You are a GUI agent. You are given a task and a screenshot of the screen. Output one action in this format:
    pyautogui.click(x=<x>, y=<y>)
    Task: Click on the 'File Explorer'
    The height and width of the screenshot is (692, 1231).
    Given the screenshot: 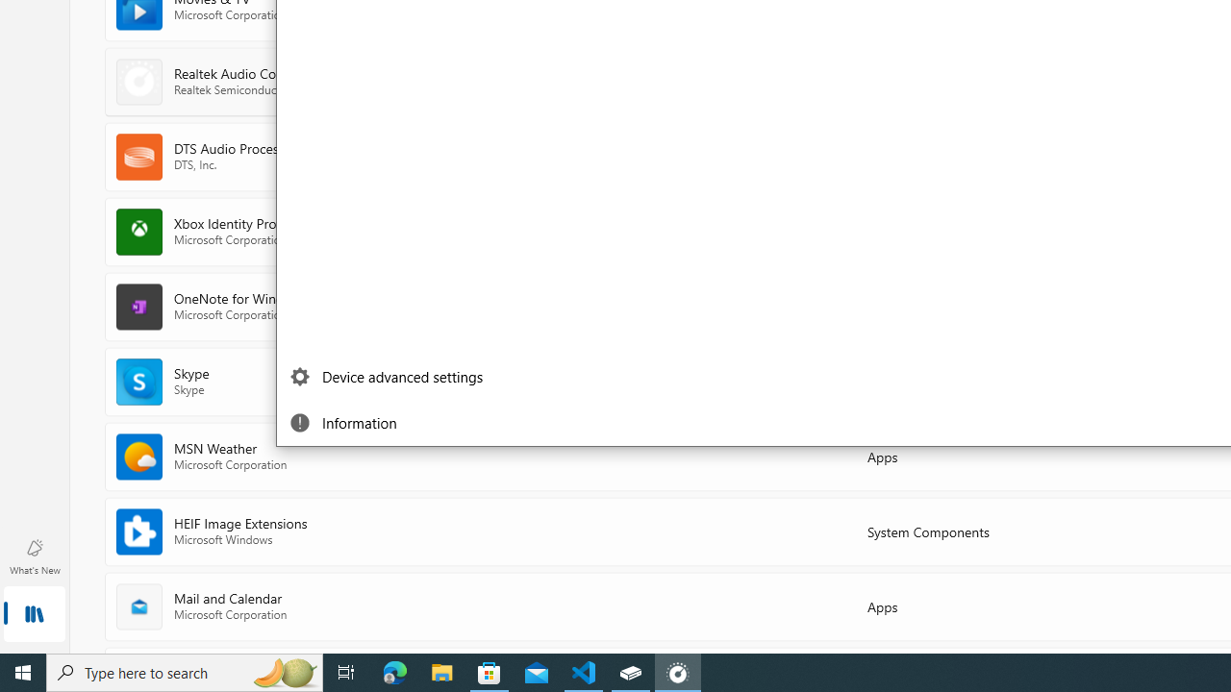 What is the action you would take?
    pyautogui.click(x=441, y=671)
    